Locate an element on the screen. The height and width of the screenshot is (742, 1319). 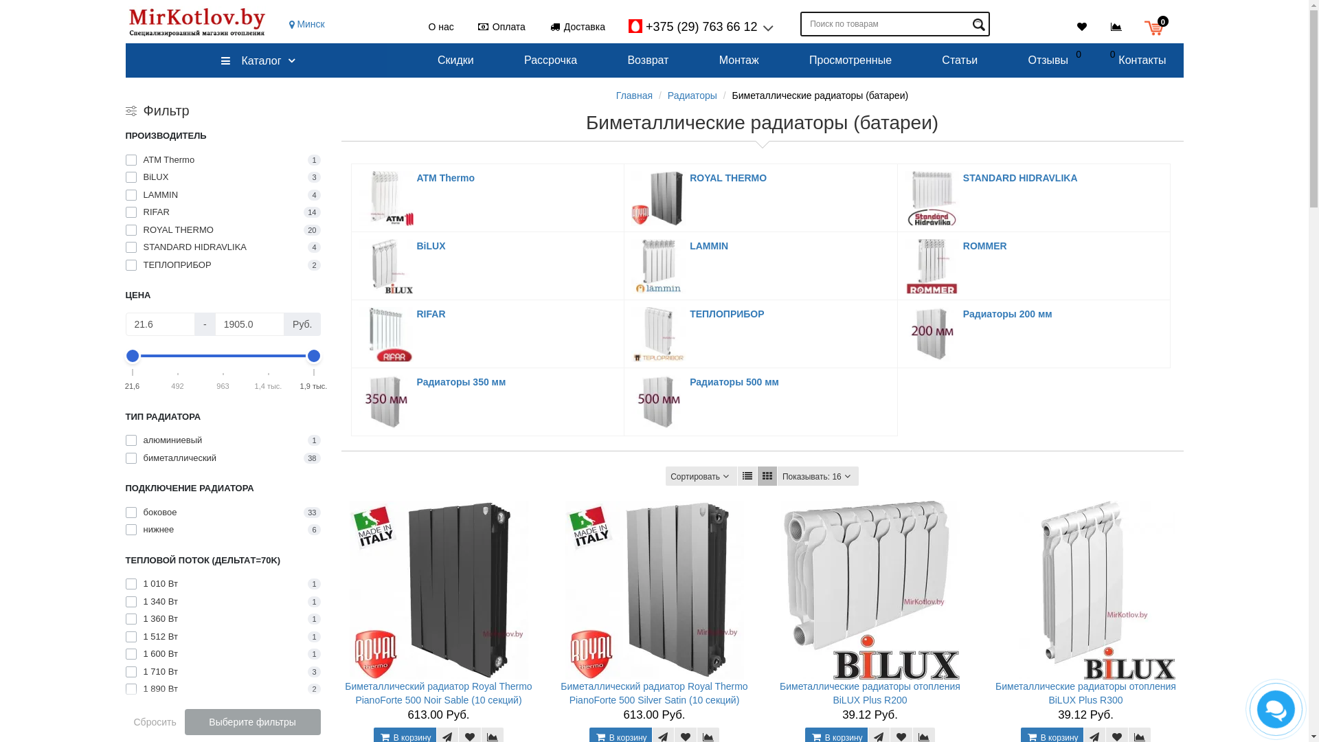
'ATM Thermo is located at coordinates (223, 158).